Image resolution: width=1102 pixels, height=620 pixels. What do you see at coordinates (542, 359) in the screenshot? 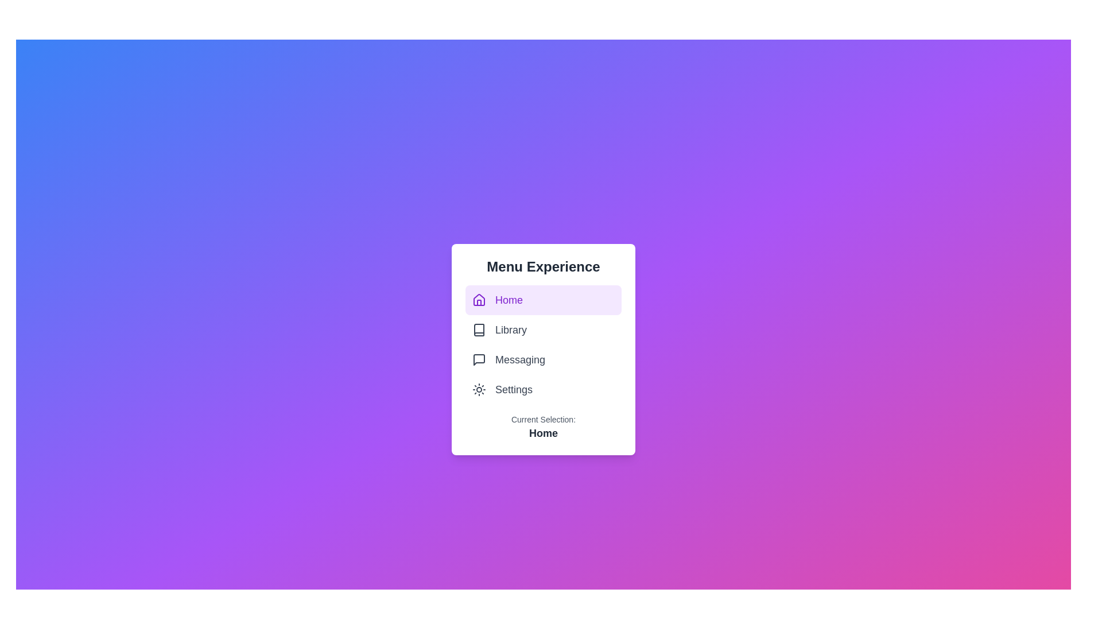
I see `the 'Messaging' menu item to select it` at bounding box center [542, 359].